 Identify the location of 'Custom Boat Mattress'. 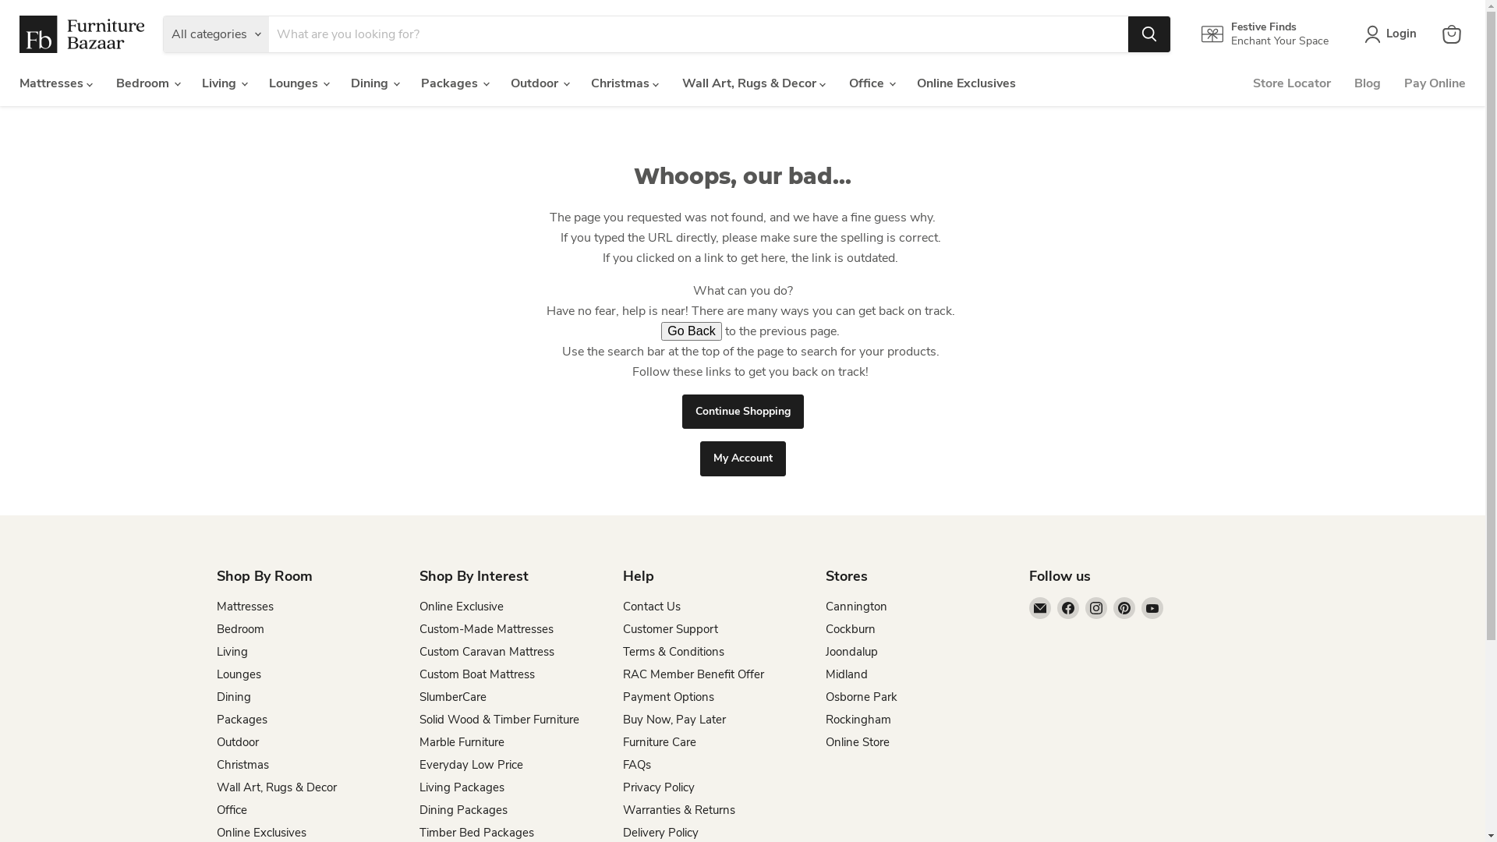
(476, 673).